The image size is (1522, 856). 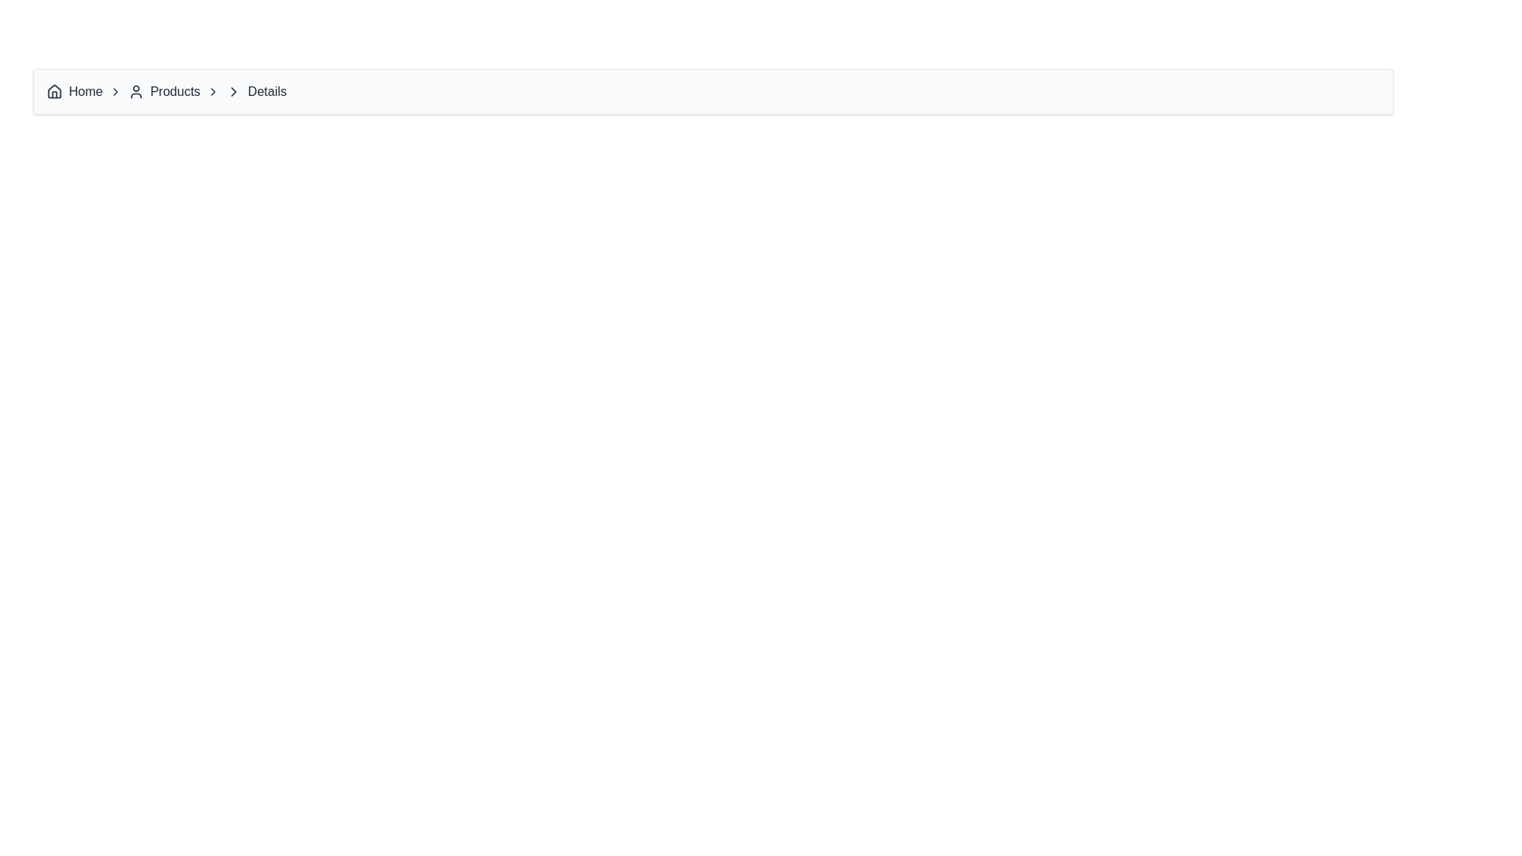 What do you see at coordinates (114, 91) in the screenshot?
I see `the icon that serves as a visual separator and directional indicator within the breadcrumb navigation, positioned in the top-left section of the interface, between the 'Home' and 'Products' text labels` at bounding box center [114, 91].